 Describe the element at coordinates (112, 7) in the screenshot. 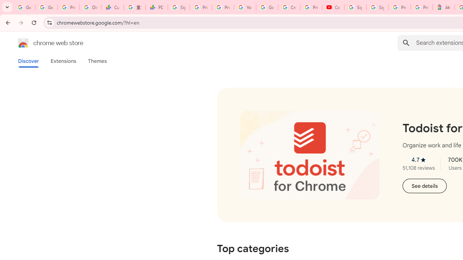

I see `'Currencies - Google Finance'` at that location.